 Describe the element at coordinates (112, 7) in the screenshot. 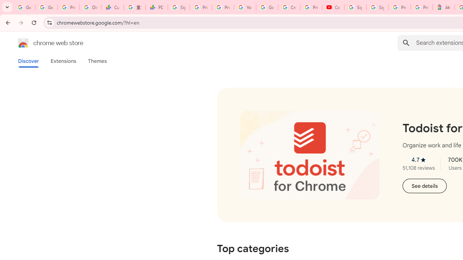

I see `'Currencies - Google Finance'` at that location.